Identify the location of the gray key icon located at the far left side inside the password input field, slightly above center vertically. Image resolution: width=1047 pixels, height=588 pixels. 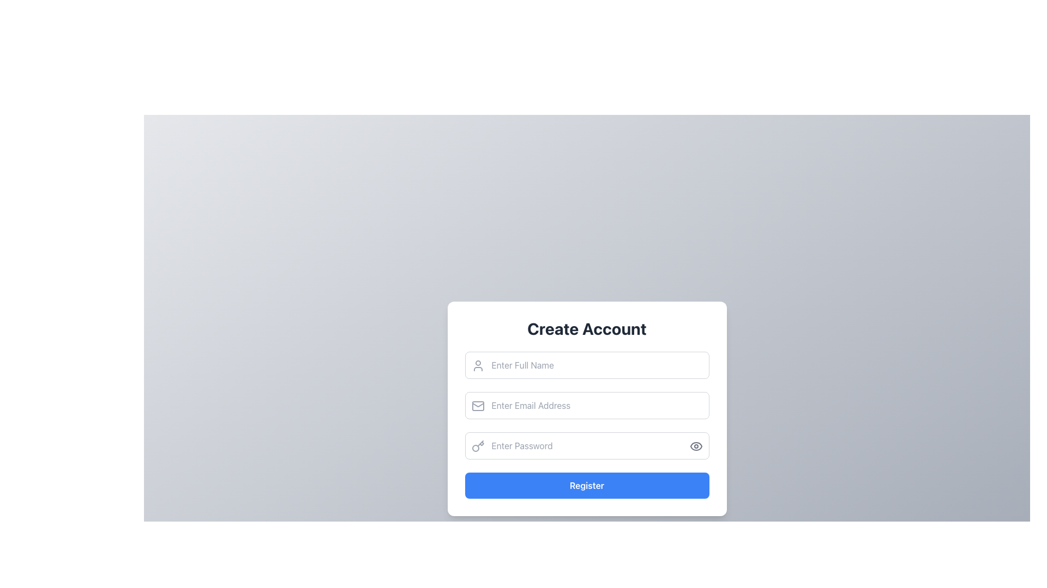
(478, 446).